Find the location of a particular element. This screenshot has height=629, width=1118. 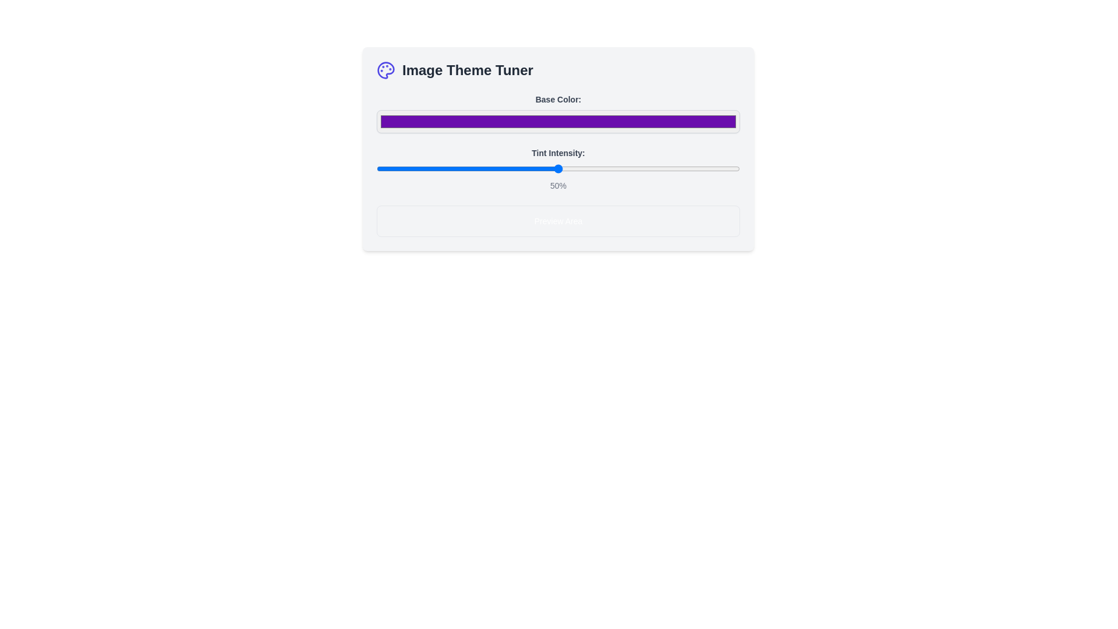

the interactive sub-element controls within the light gray rectangular card that adjusts image theme settings is located at coordinates (558, 148).